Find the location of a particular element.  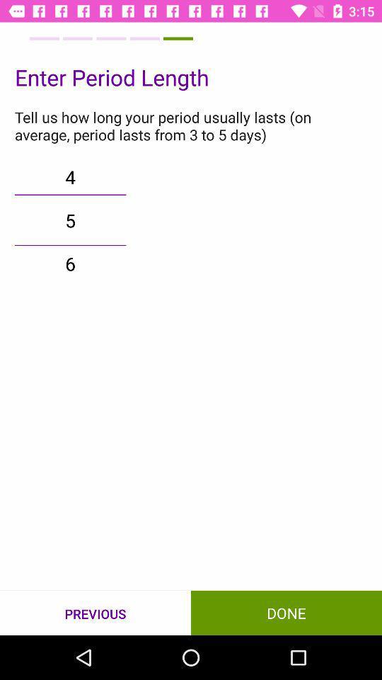

previous at the bottom left corner is located at coordinates (95, 613).